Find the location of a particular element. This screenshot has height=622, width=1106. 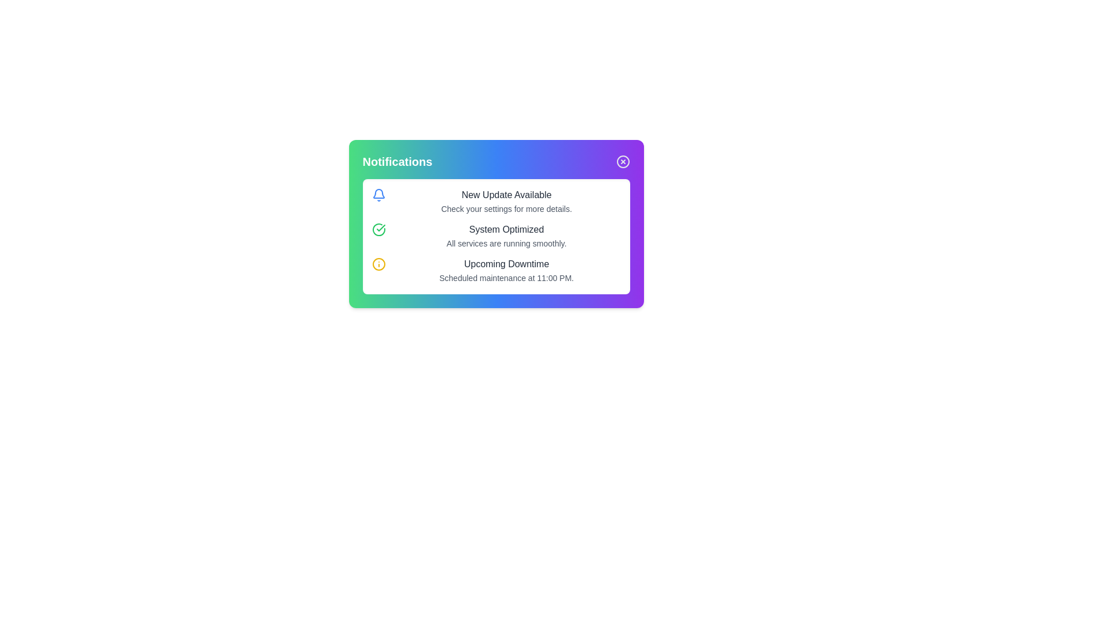

notification content from the first notification entry in the notification panel, positioned above other items and to the right of the blue bell icon is located at coordinates (506, 202).